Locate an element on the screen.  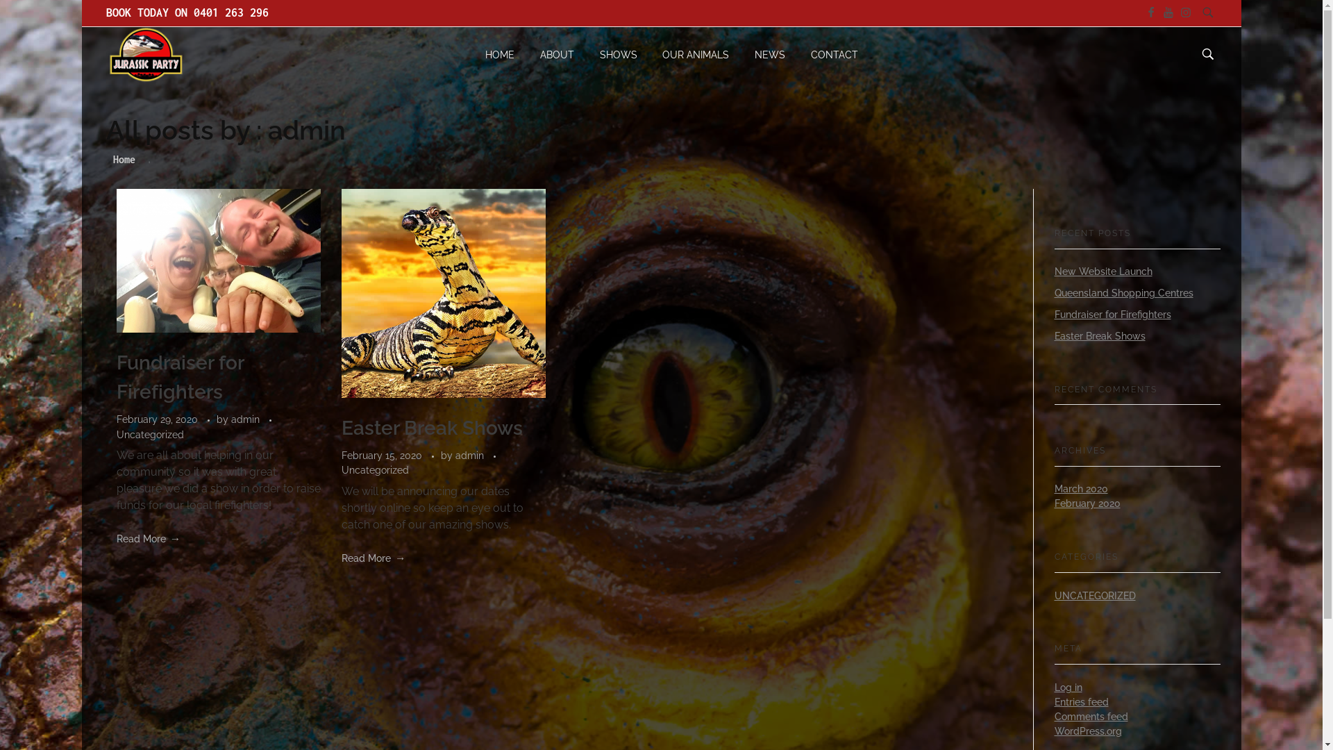
'OUR ANIMALS' is located at coordinates (649, 53).